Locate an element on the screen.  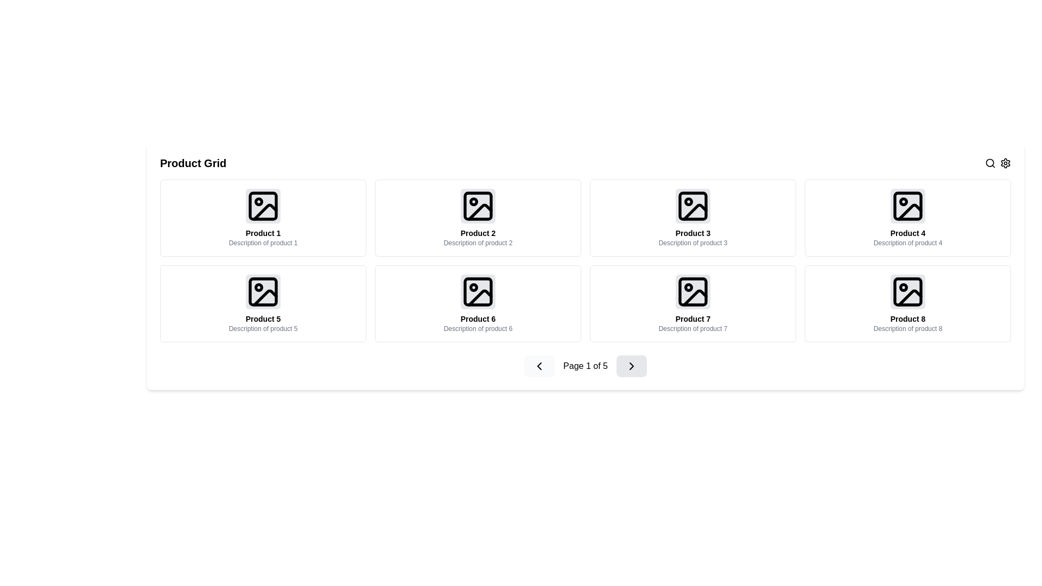
SVG rectangle element with a black border and light gray fill, located in the 'Product 7' icon in the second row and third column of the grid layout is located at coordinates (692, 291).